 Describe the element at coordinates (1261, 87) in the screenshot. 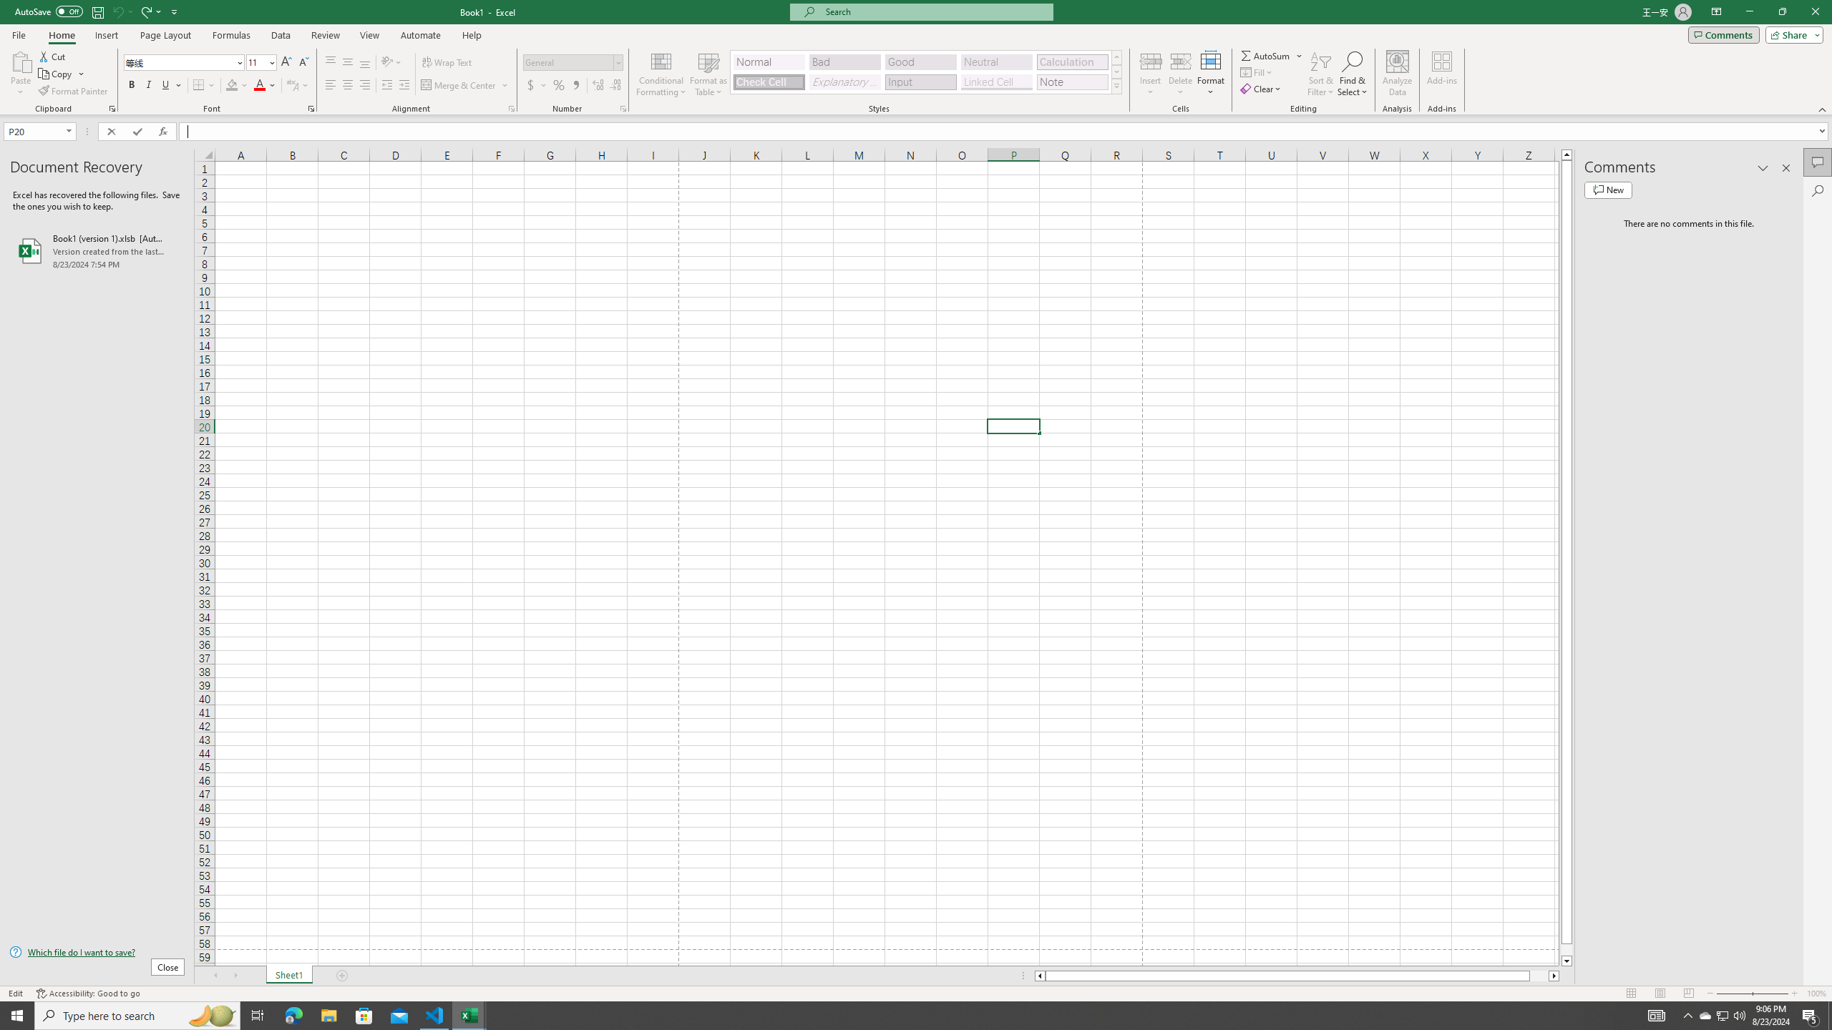

I see `'Clear'` at that location.